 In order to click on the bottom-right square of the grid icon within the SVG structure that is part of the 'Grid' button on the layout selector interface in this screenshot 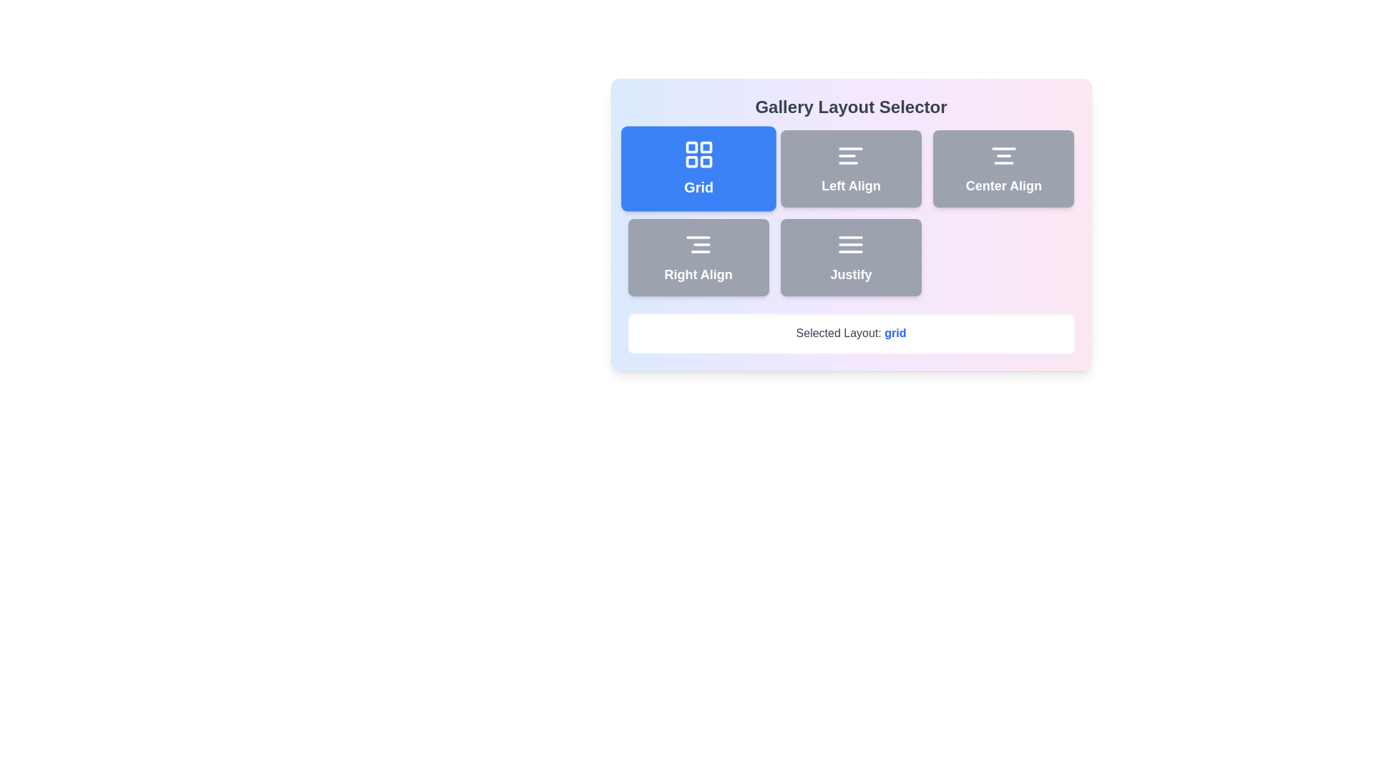, I will do `click(706, 161)`.